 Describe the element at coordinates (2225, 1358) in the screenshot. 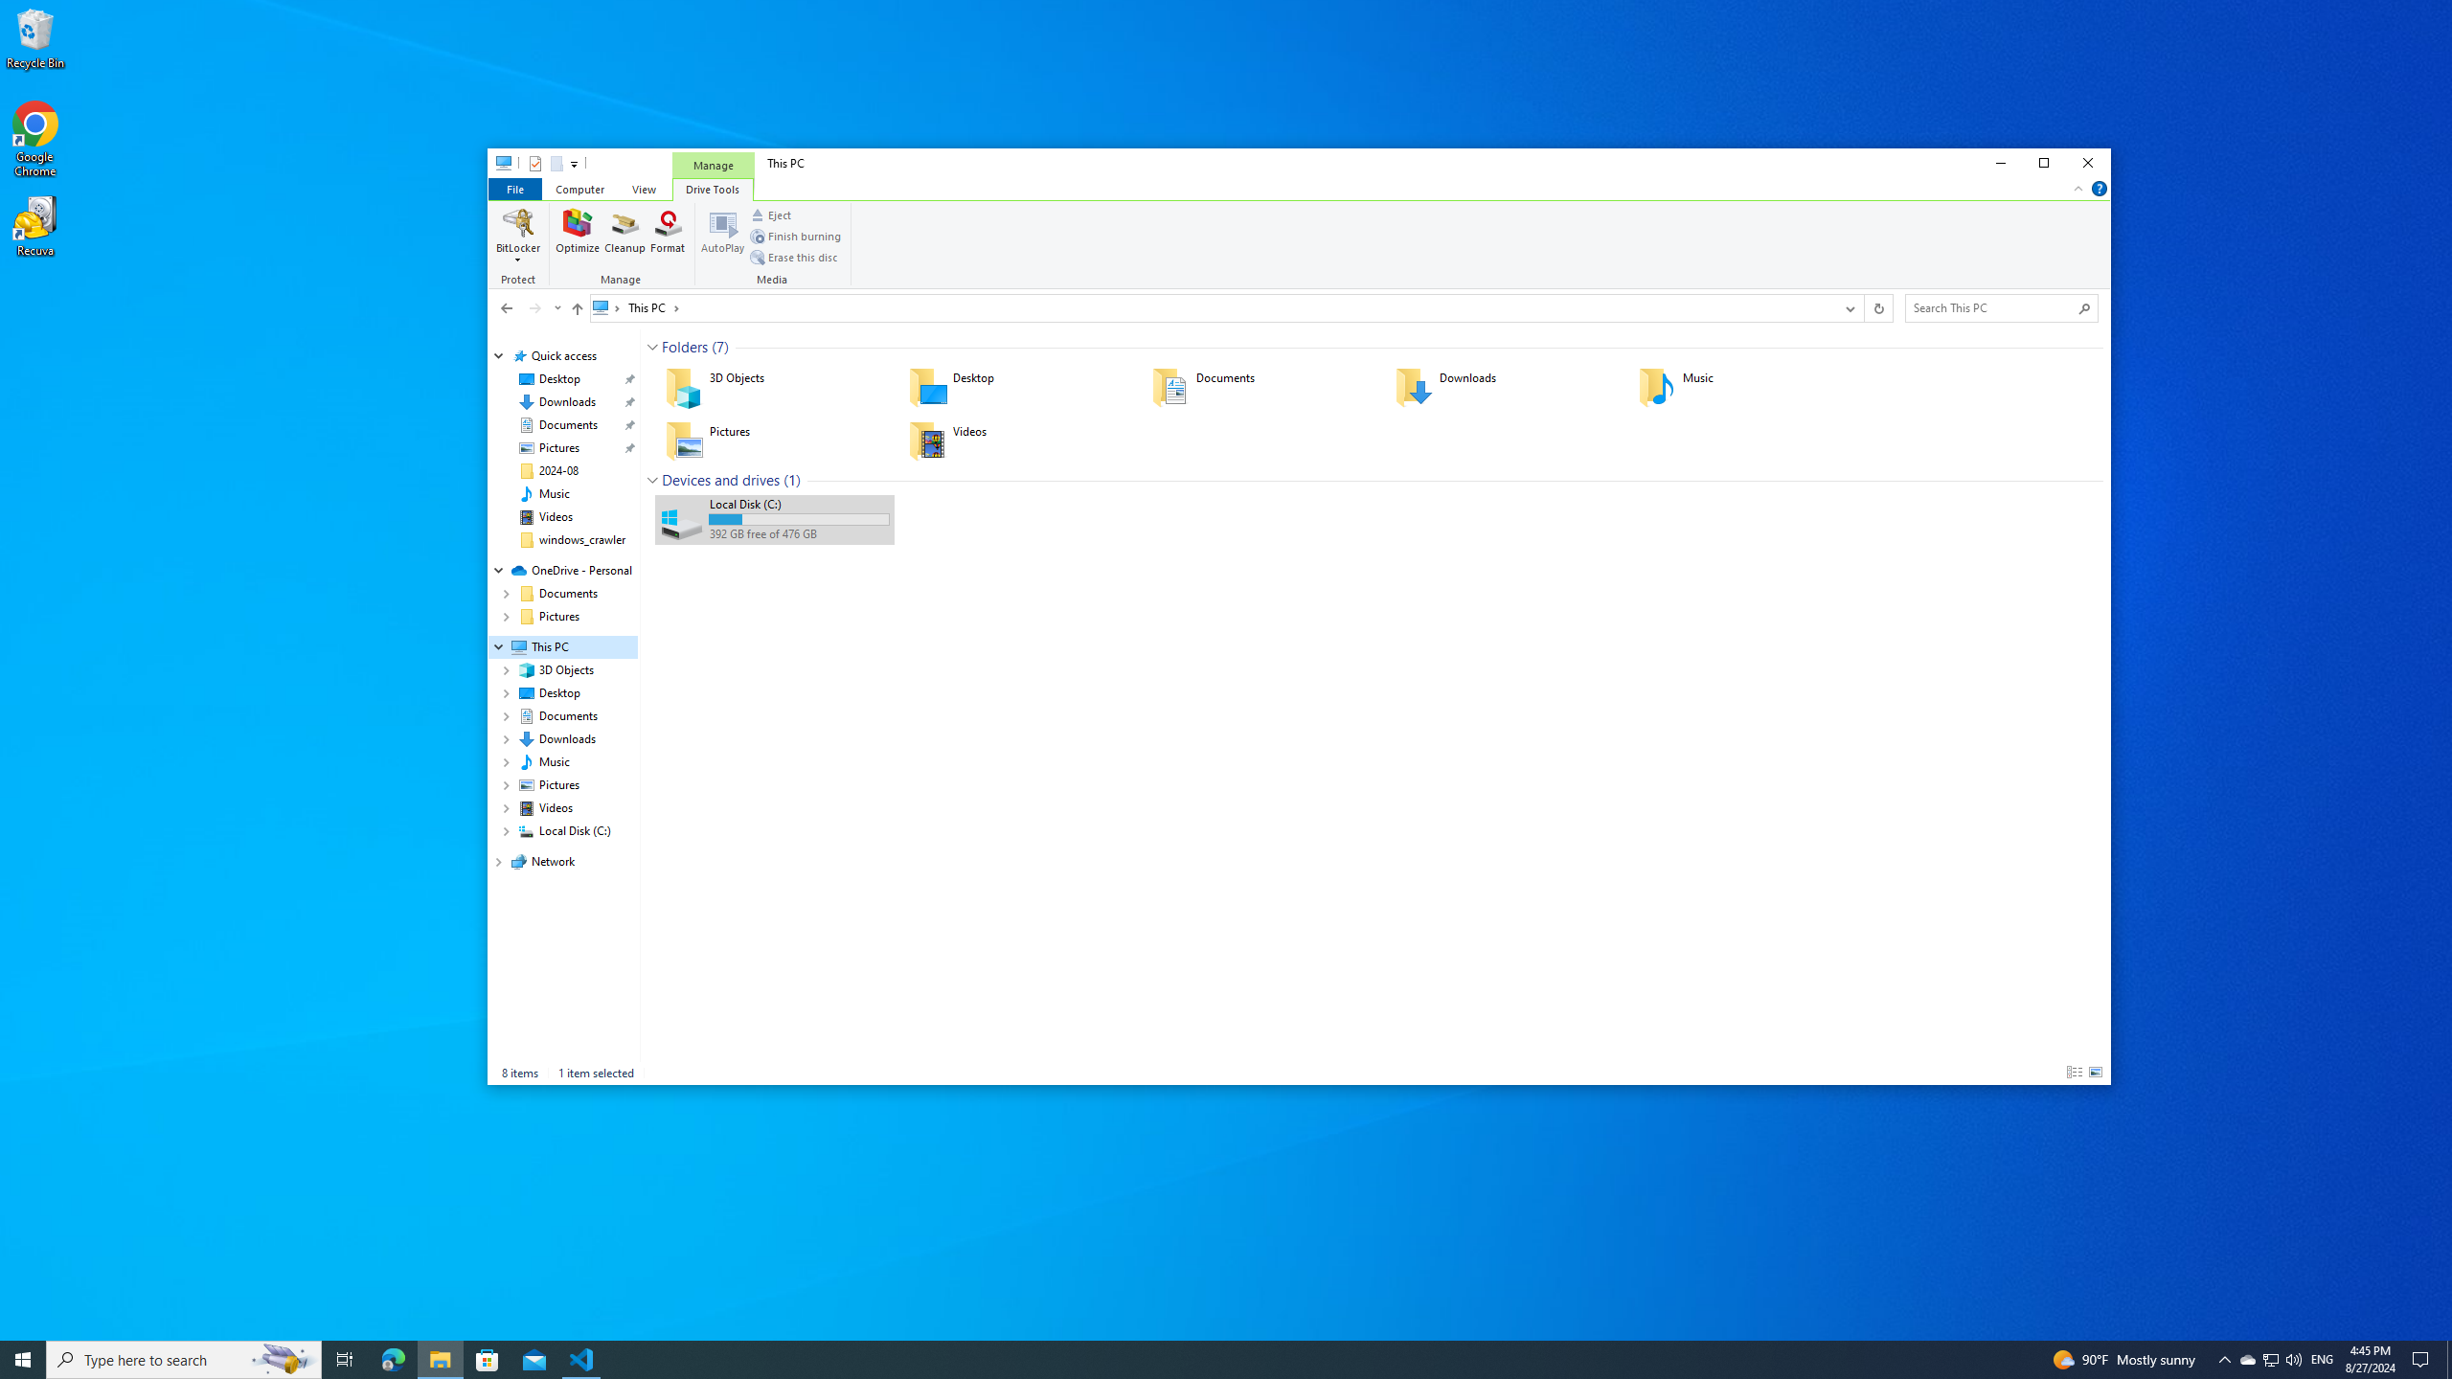

I see `'Notification Chevron'` at that location.